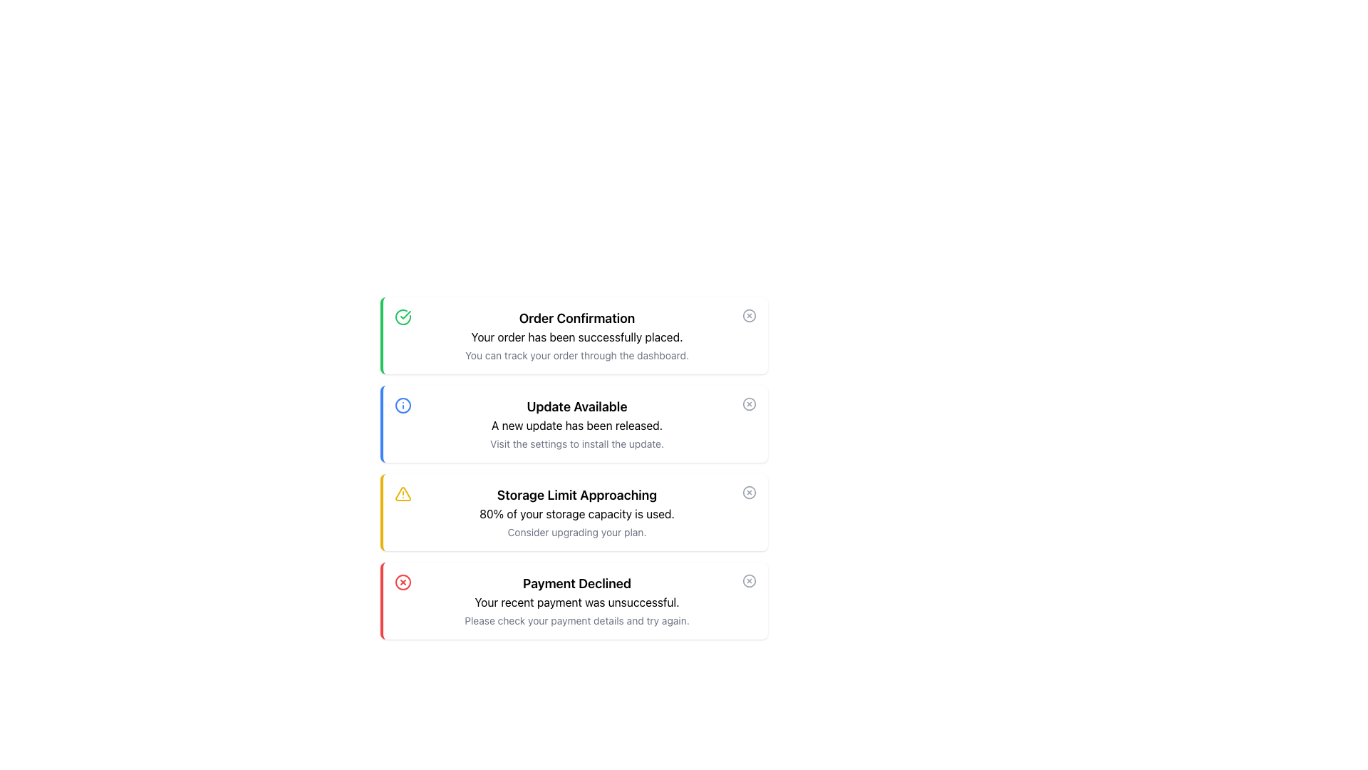  I want to click on the Close Button (Icon) located in the top-right corner of the 'Storage Limit Approaching' notification card to observe the hover effects, so click(748, 491).